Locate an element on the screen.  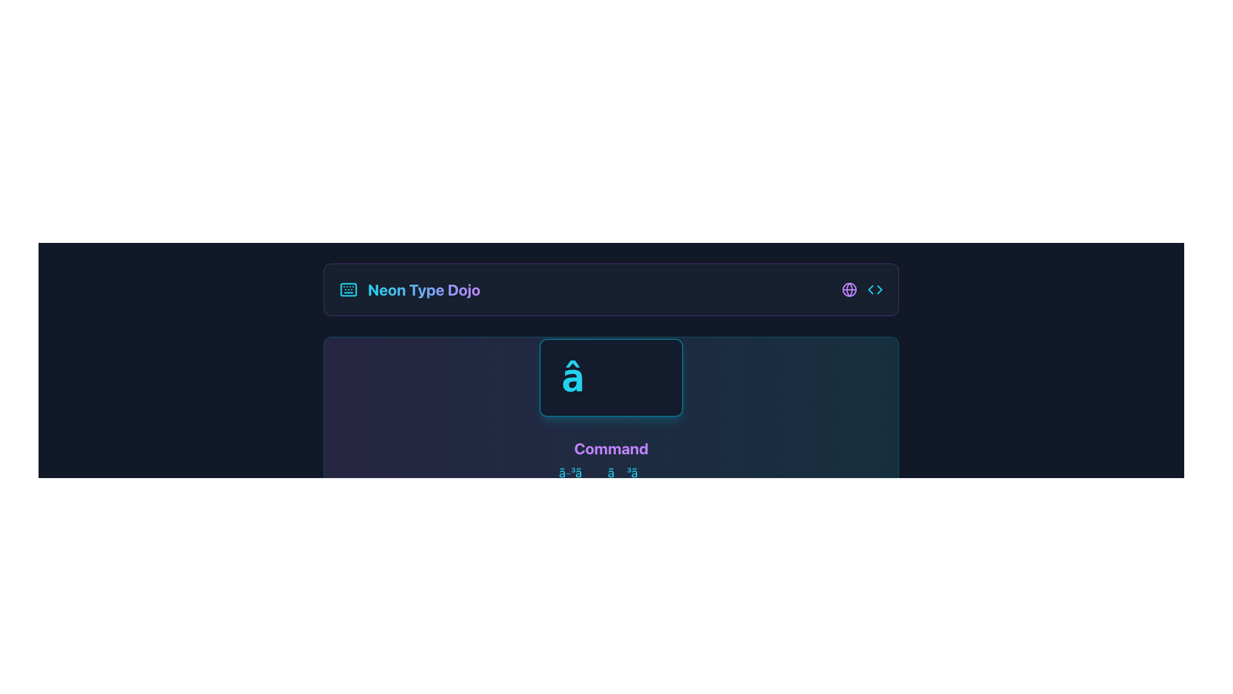
the keyboard icon component, which is a central rectangular structure in the keyboard illustration, to trigger relevant actions is located at coordinates (348, 290).